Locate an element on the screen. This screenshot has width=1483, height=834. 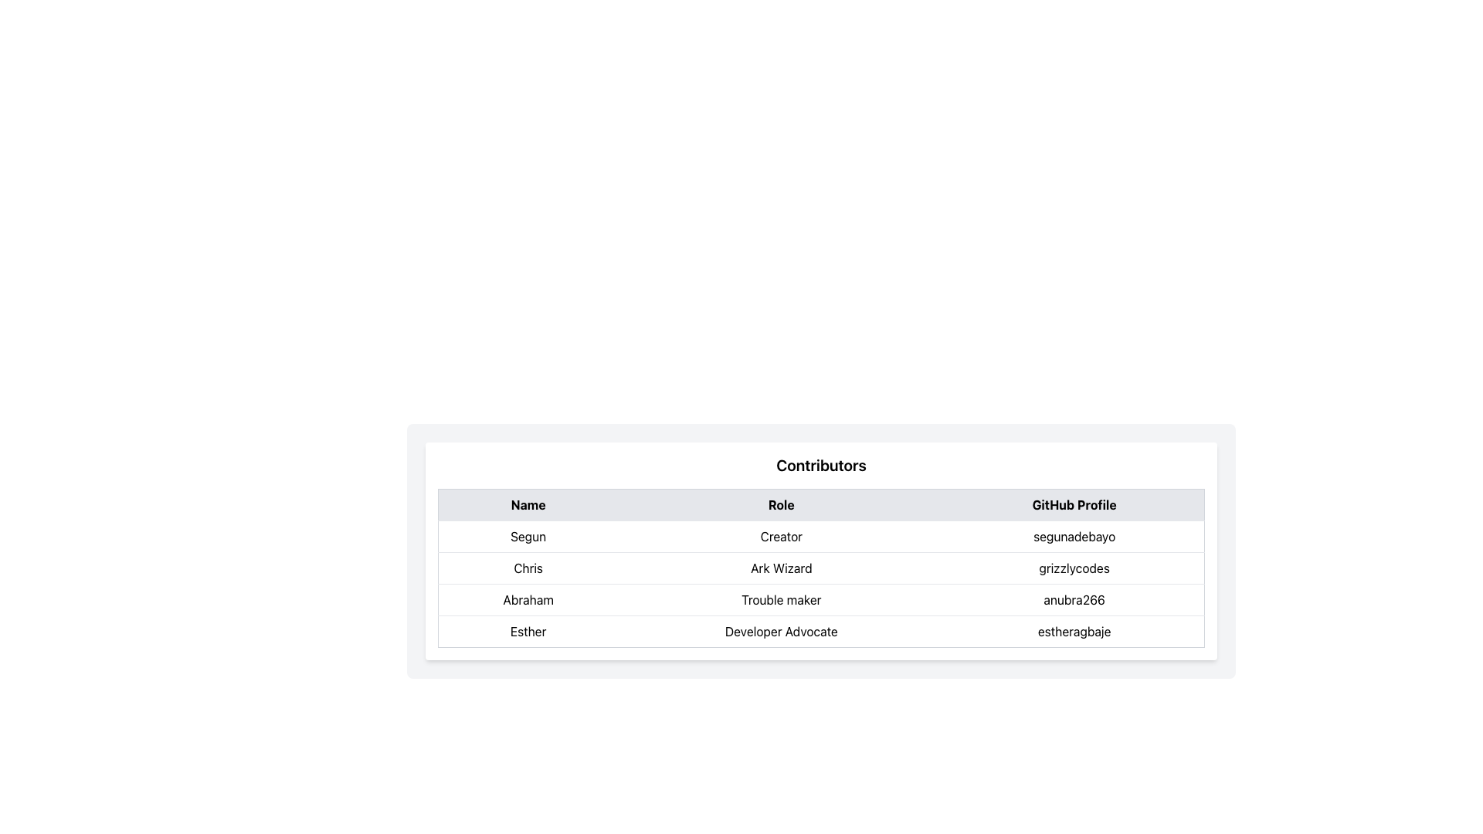
the text element that reads 'anubra266' located in the rightmost part of the table cell under the 'GitHub Profile' column, in the row corresponding to 'Abraham' and 'Trouble maker' is located at coordinates (1074, 598).